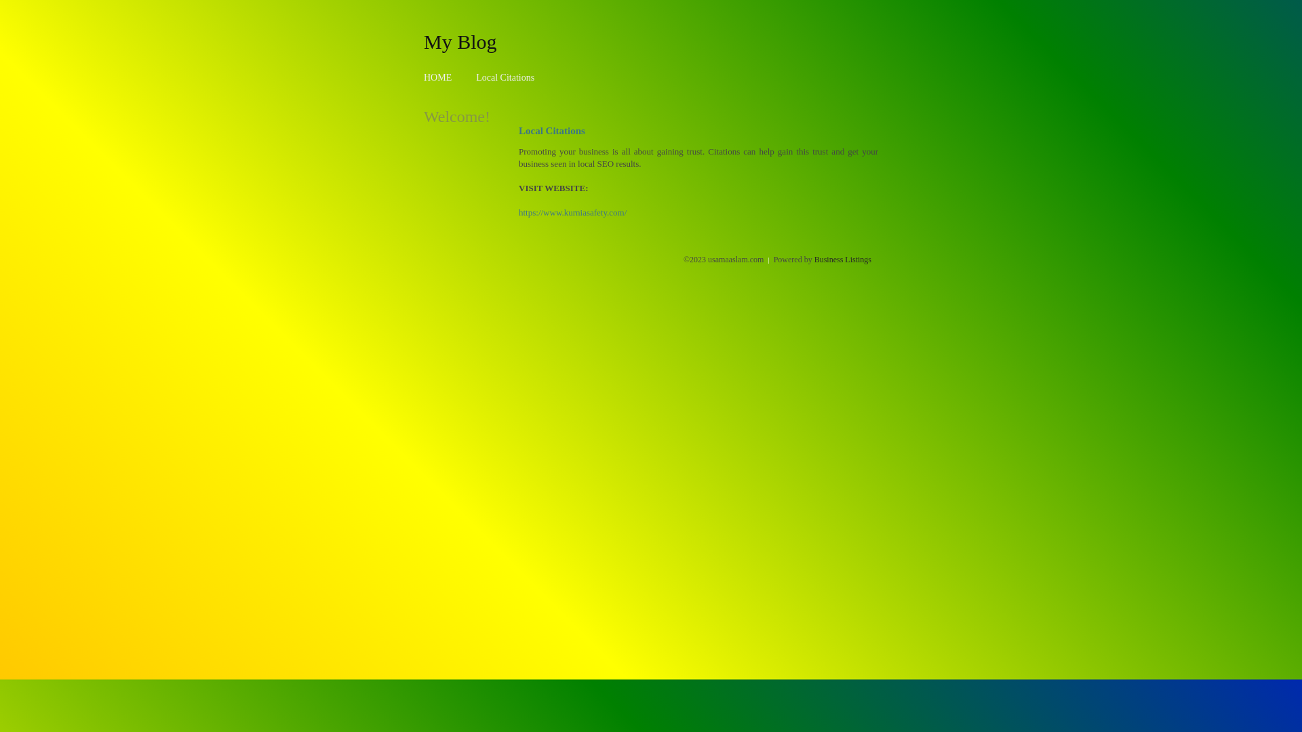 Image resolution: width=1302 pixels, height=732 pixels. What do you see at coordinates (572, 212) in the screenshot?
I see `'https://www.kurniasafety.com/'` at bounding box center [572, 212].